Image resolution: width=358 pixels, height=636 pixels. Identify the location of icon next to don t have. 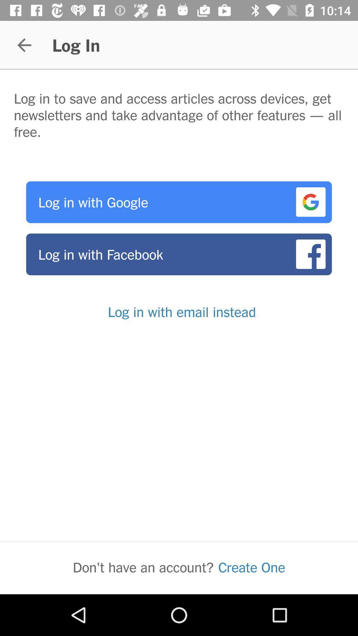
(252, 567).